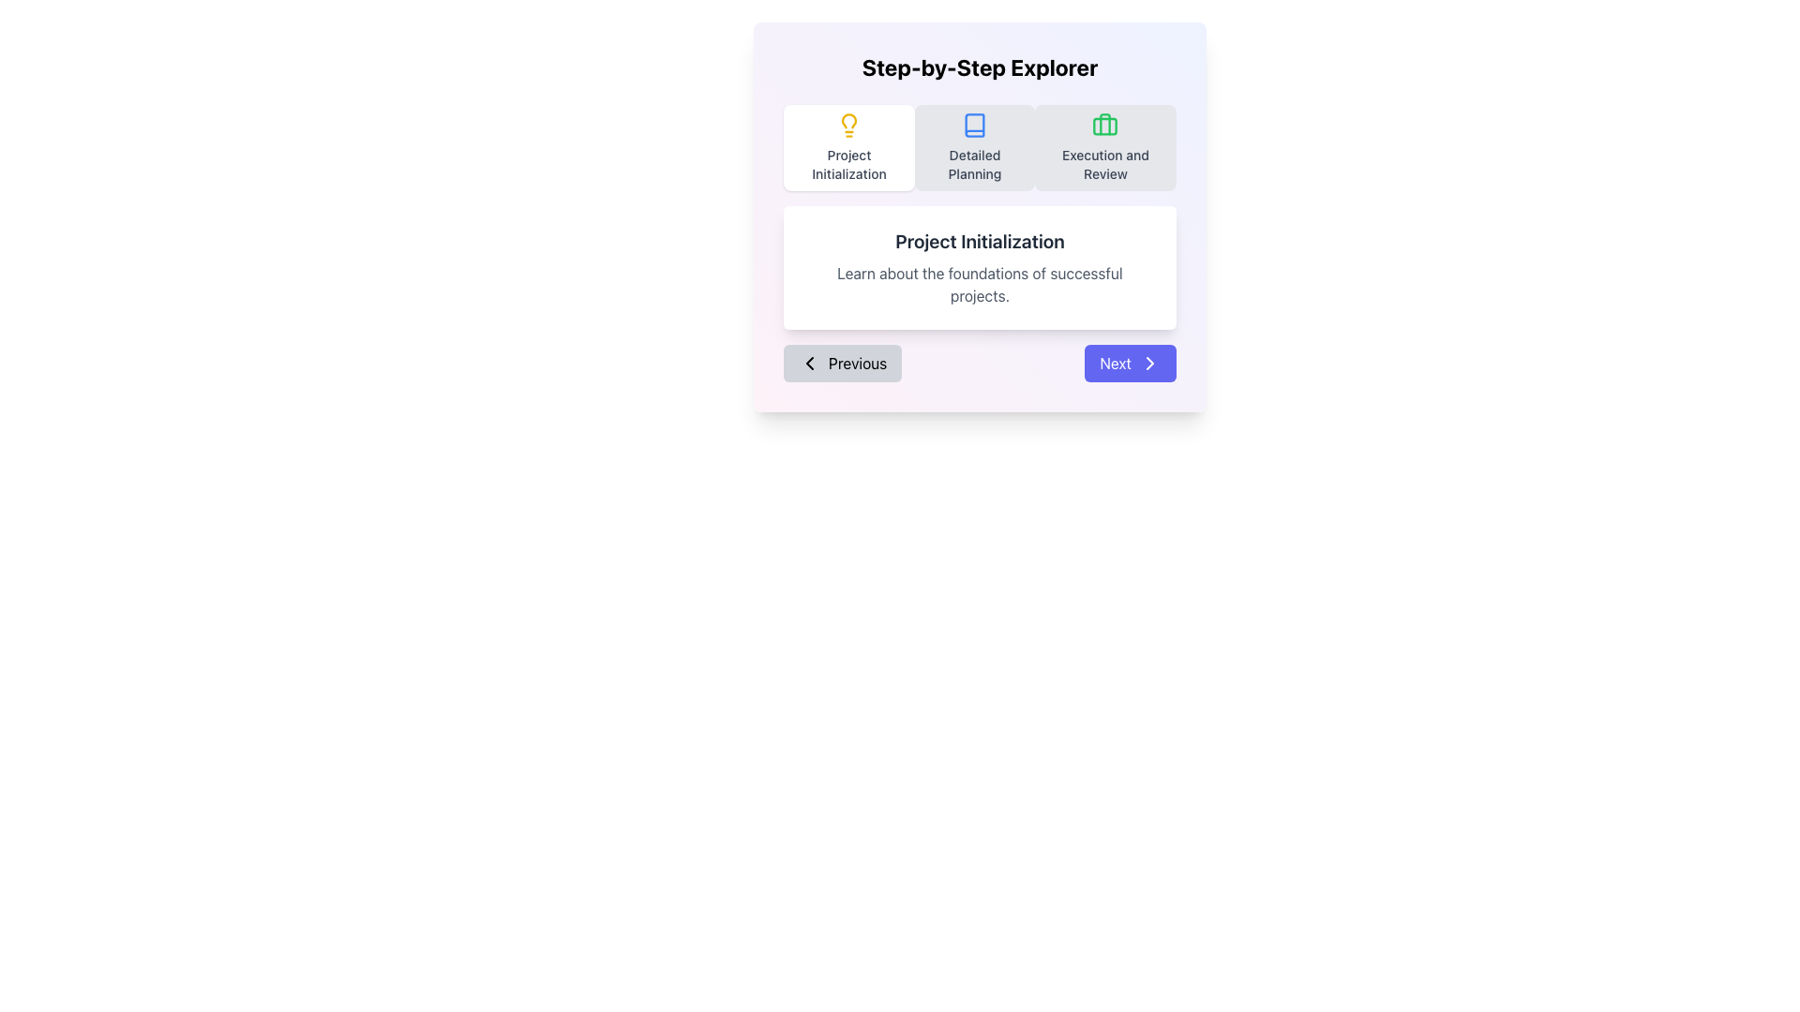 This screenshot has height=1012, width=1800. I want to click on the text label located at the bottom of the first card in a row of three cards, which serves as a title or label for a corresponding step or category, so click(848, 164).